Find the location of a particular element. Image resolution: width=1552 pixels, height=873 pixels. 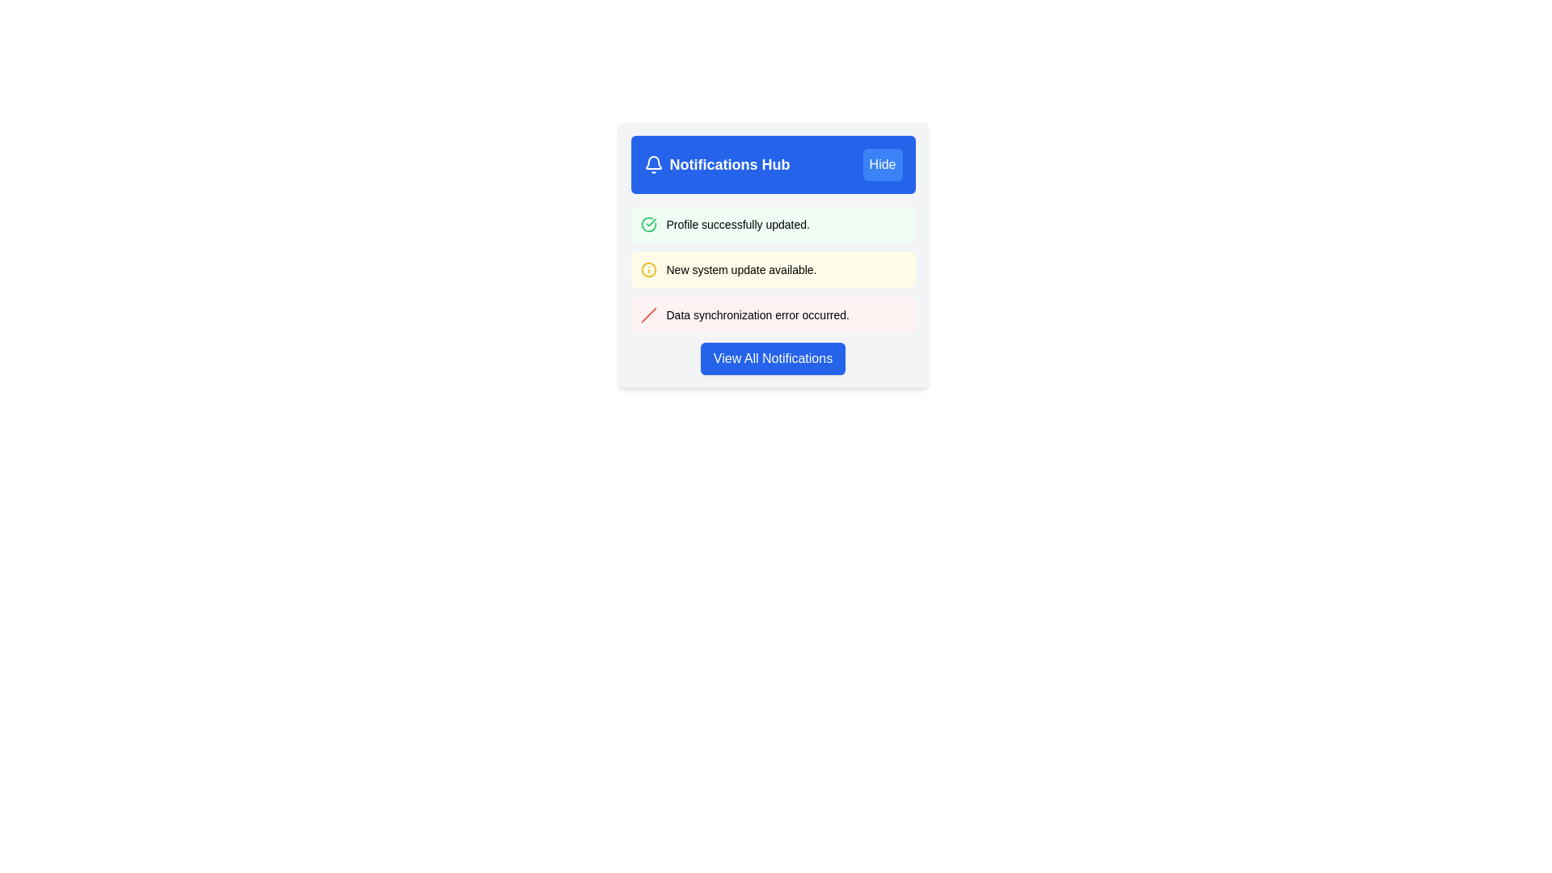

the circular info icon with a yellow outline that is positioned beside the notification text 'New system update available.' is located at coordinates (648, 269).